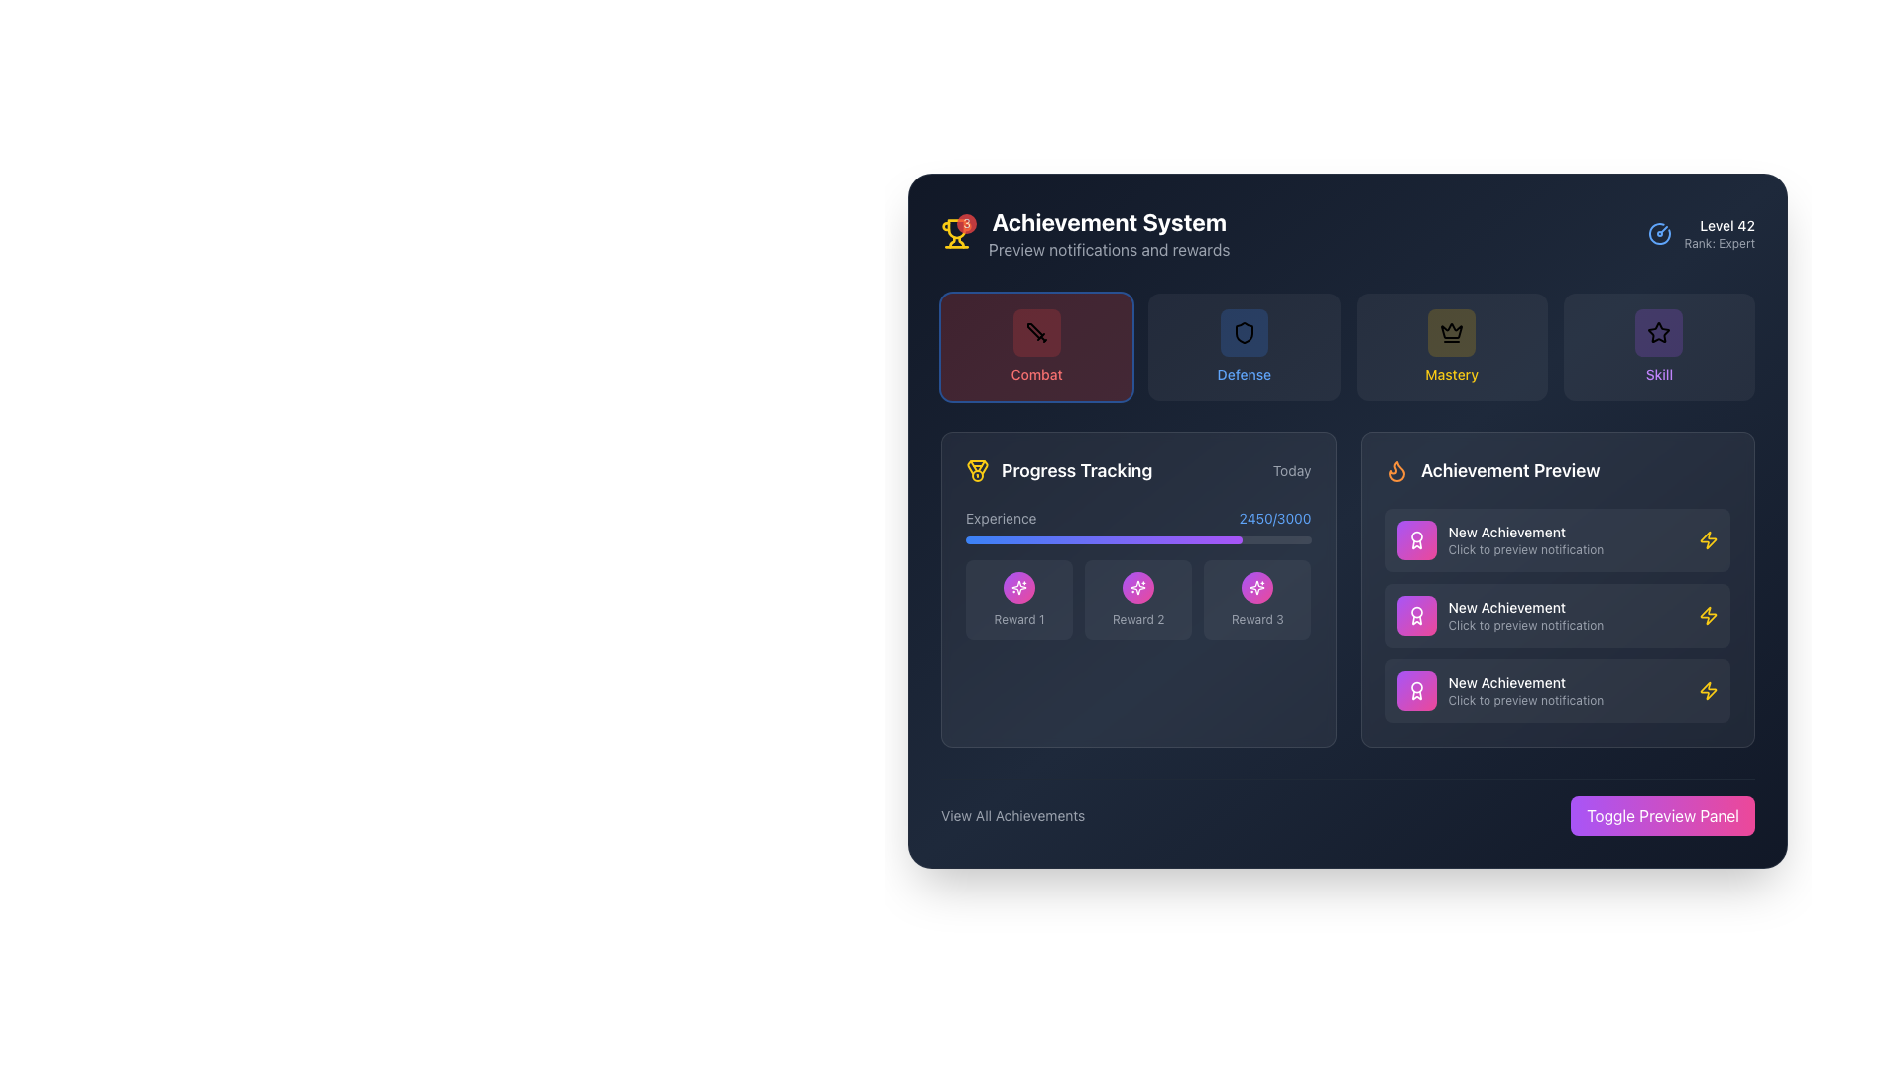 This screenshot has height=1071, width=1904. I want to click on the text label element displaying 'Preview notifications and rewards' that is located beneath the 'Achievement System' title, so click(1108, 248).